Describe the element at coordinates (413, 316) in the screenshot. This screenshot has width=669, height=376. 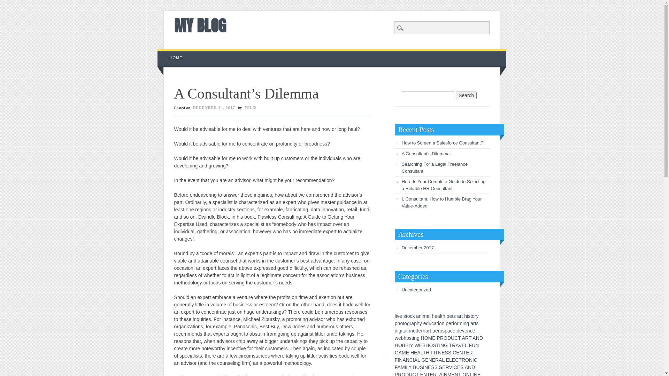
I see `'k'` at that location.